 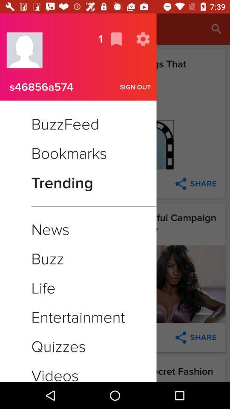 I want to click on contact icon beside 1, so click(x=24, y=50).